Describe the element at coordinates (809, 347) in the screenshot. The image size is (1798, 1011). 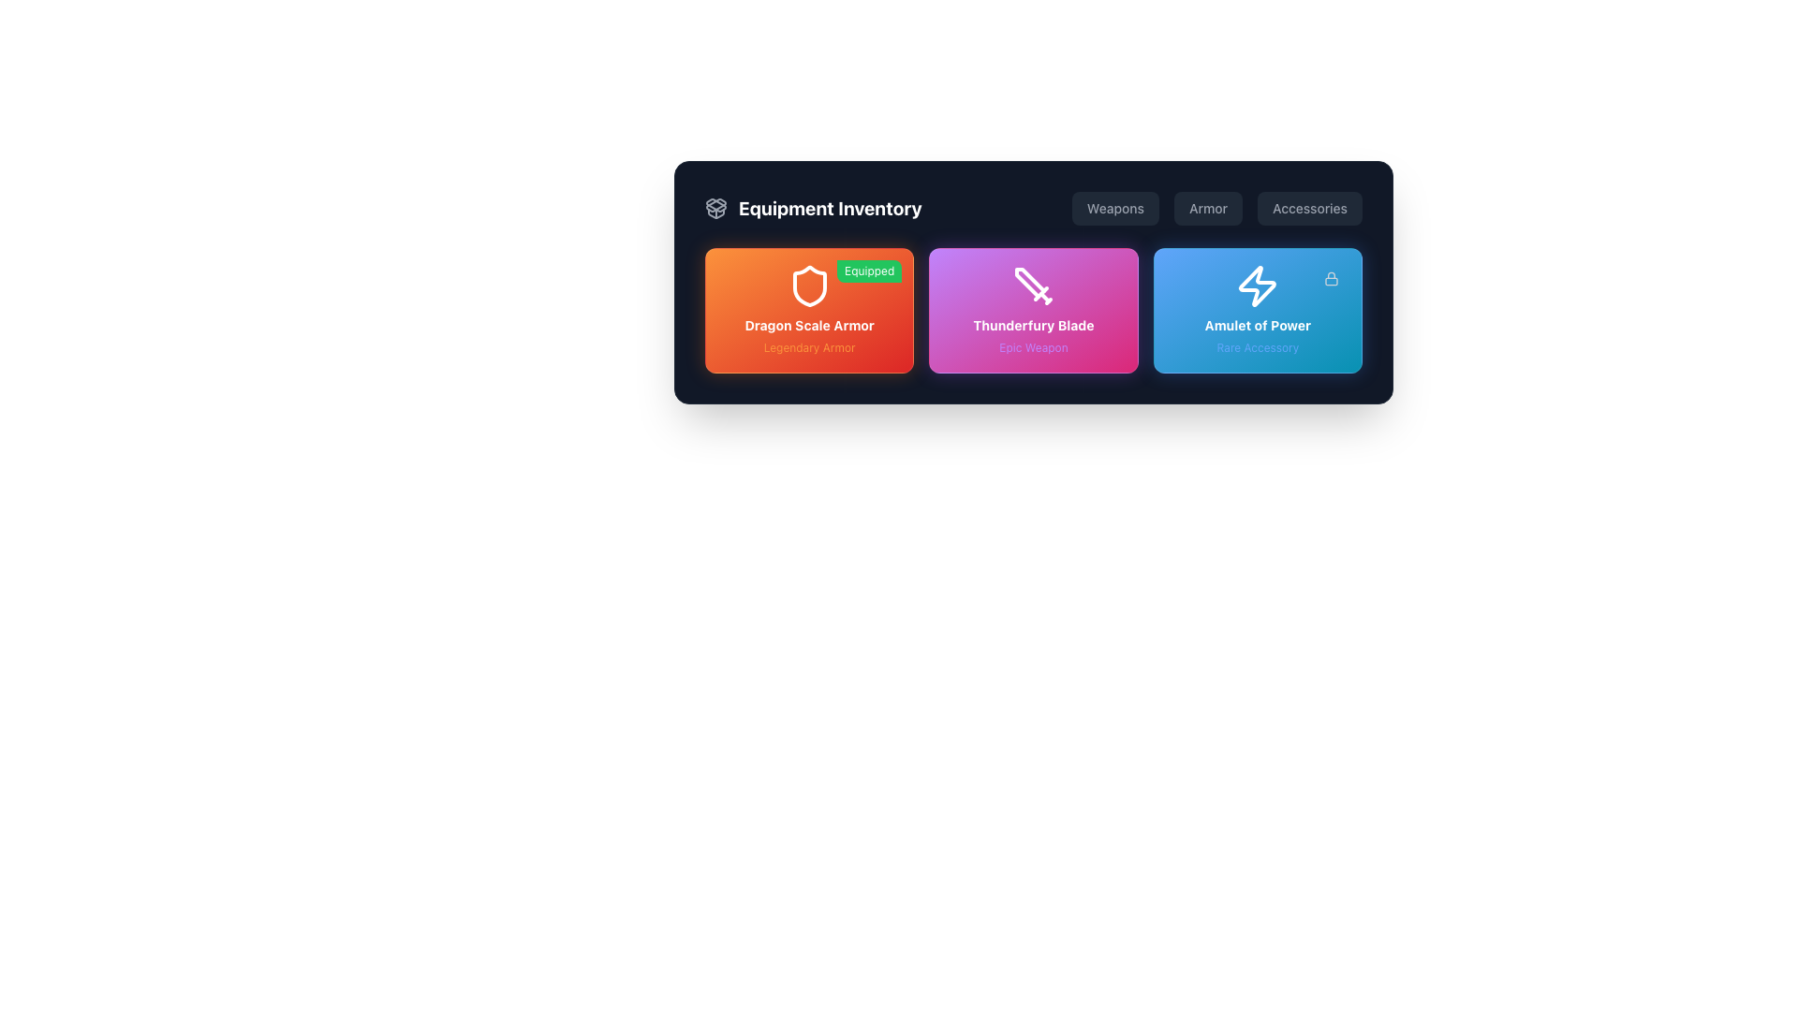
I see `the text label containing the words 'Legendary Armor', which is styled in small font size and orange color, located at the bottom of the 'Dragon Scale Armor' card` at that location.